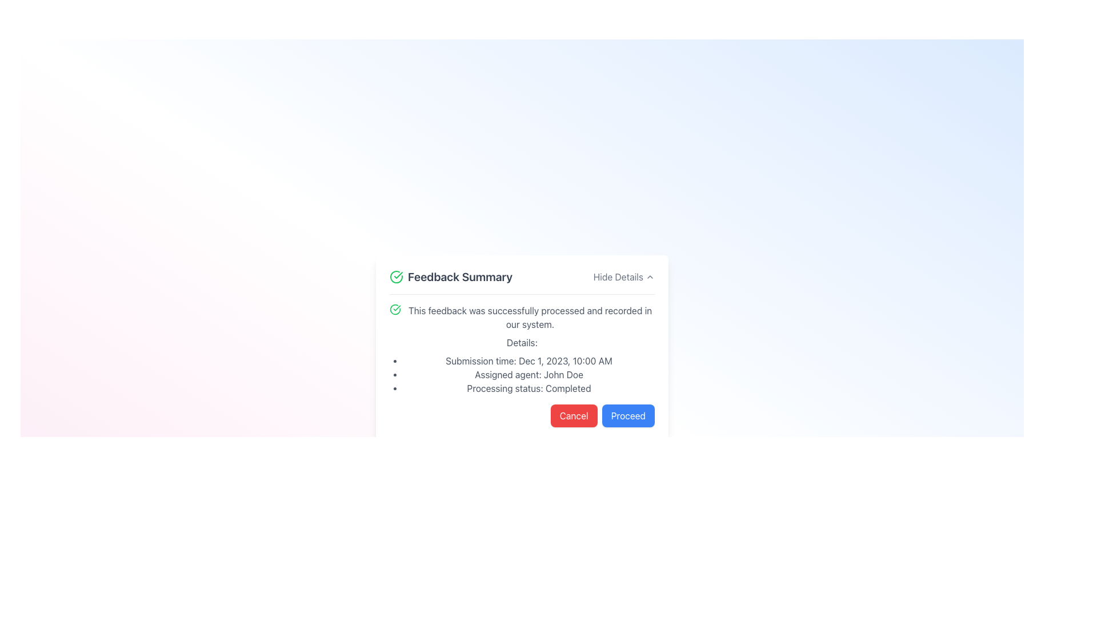 This screenshot has height=617, width=1097. What do you see at coordinates (521, 317) in the screenshot?
I see `the feedback was processed by clicking on the confirmation message displayed in the 'Feedback Summary' section, which indicates successful completion of the feedback process` at bounding box center [521, 317].